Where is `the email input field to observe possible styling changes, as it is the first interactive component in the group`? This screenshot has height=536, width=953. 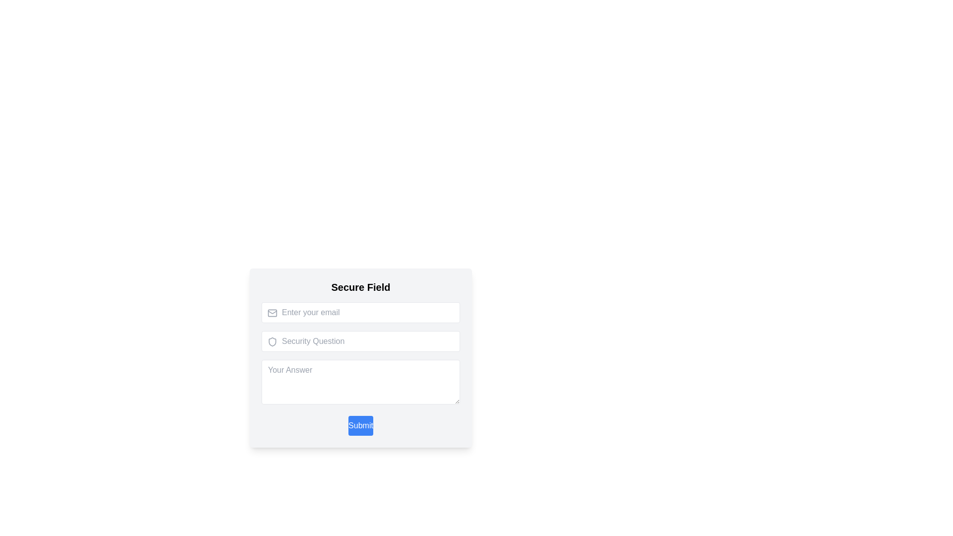 the email input field to observe possible styling changes, as it is the first interactive component in the group is located at coordinates (360, 312).